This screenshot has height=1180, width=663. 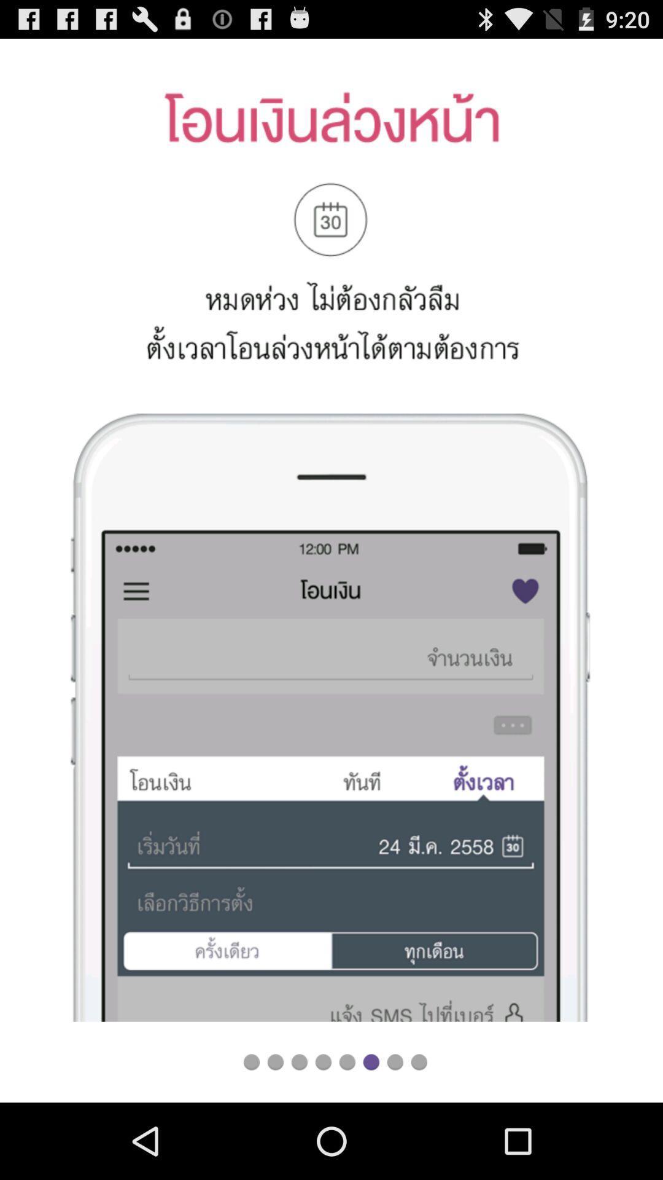 I want to click on loading the file, so click(x=250, y=1061).